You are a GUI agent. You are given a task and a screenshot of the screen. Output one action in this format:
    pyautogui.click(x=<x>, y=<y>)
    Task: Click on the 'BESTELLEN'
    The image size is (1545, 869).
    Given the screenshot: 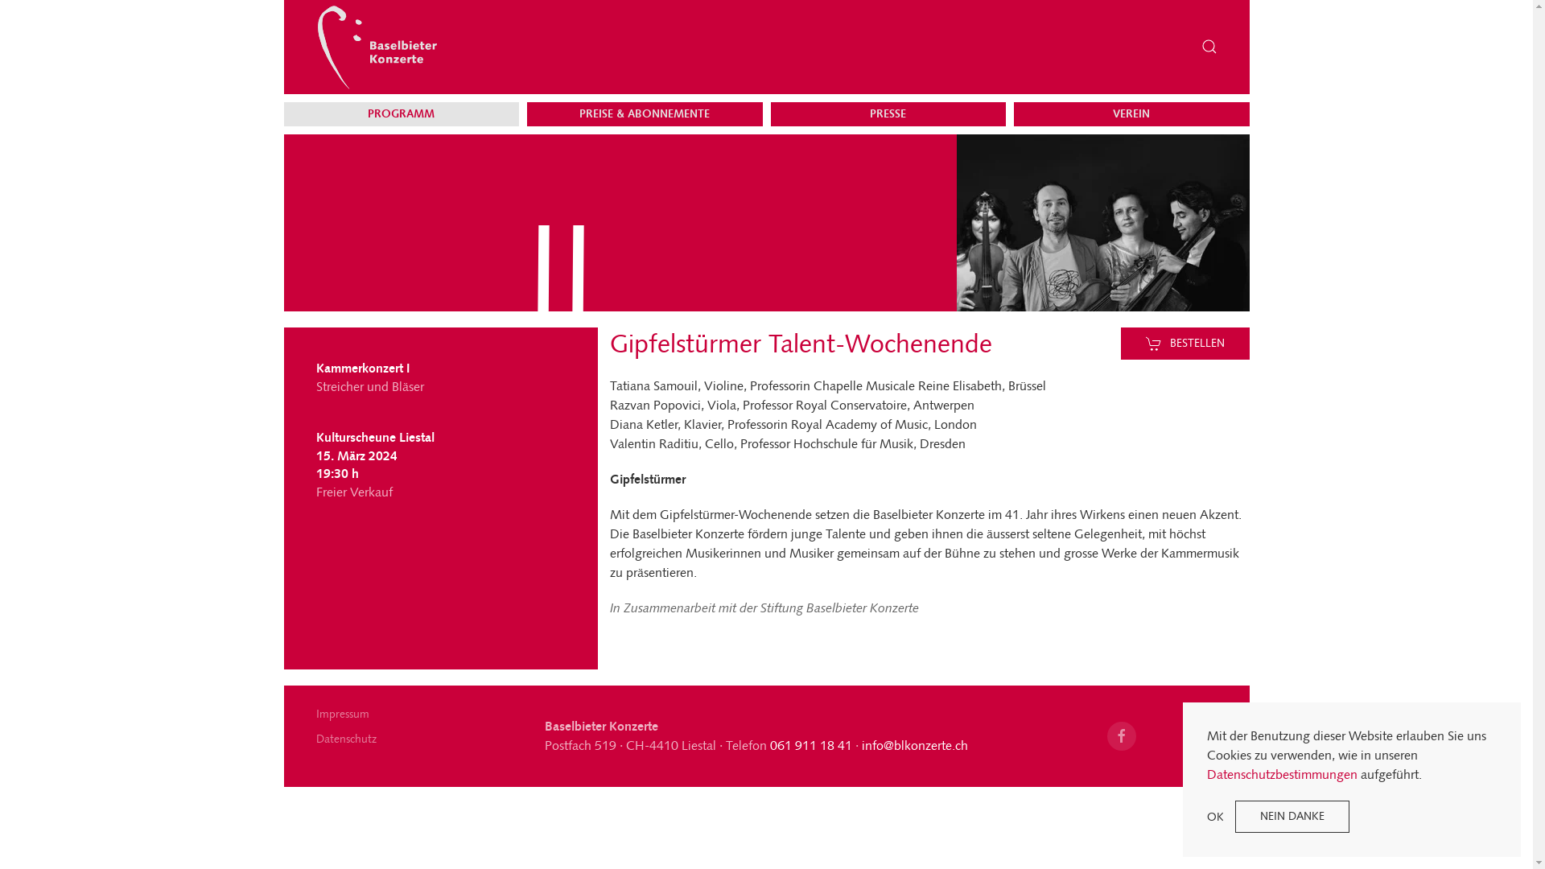 What is the action you would take?
    pyautogui.click(x=1185, y=343)
    